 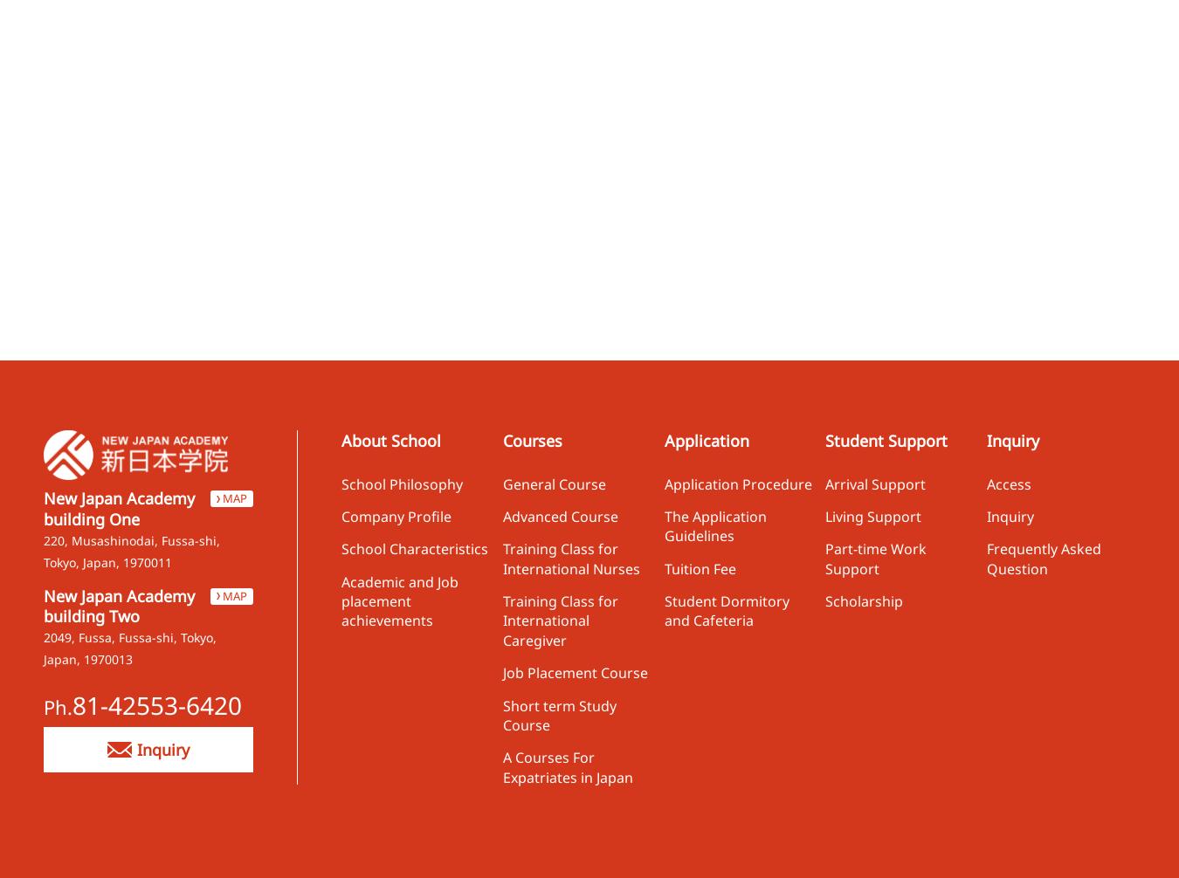 What do you see at coordinates (559, 621) in the screenshot?
I see `'Training Class for International Caregiver'` at bounding box center [559, 621].